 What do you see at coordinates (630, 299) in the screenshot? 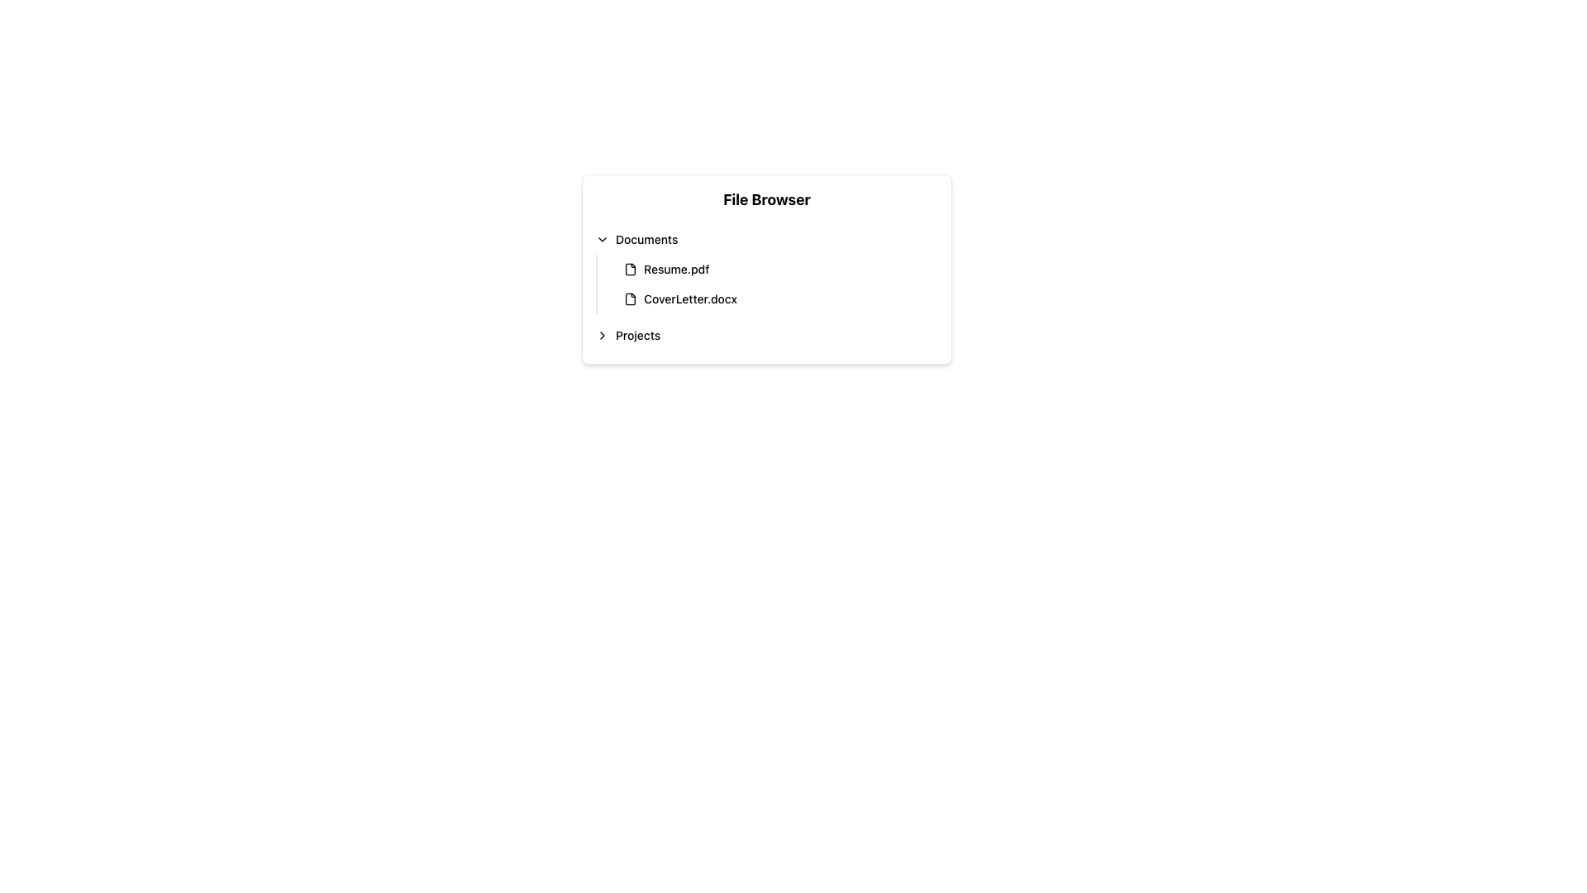
I see `the file icon representing 'CoverLetter.docx', which is a small document-shaped outline icon with a bold border located` at bounding box center [630, 299].